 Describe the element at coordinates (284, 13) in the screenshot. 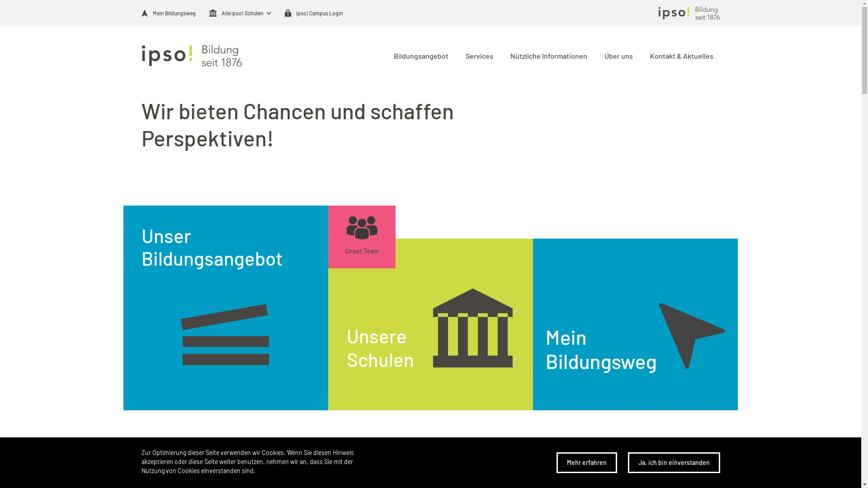

I see `'ipso! Campus Login'` at that location.